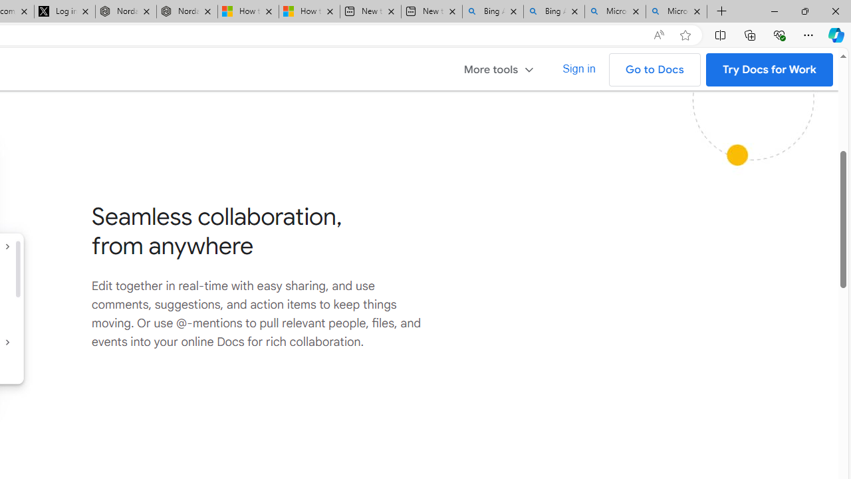  Describe the element at coordinates (659, 35) in the screenshot. I see `'Read aloud this page (Ctrl+Shift+U)'` at that location.